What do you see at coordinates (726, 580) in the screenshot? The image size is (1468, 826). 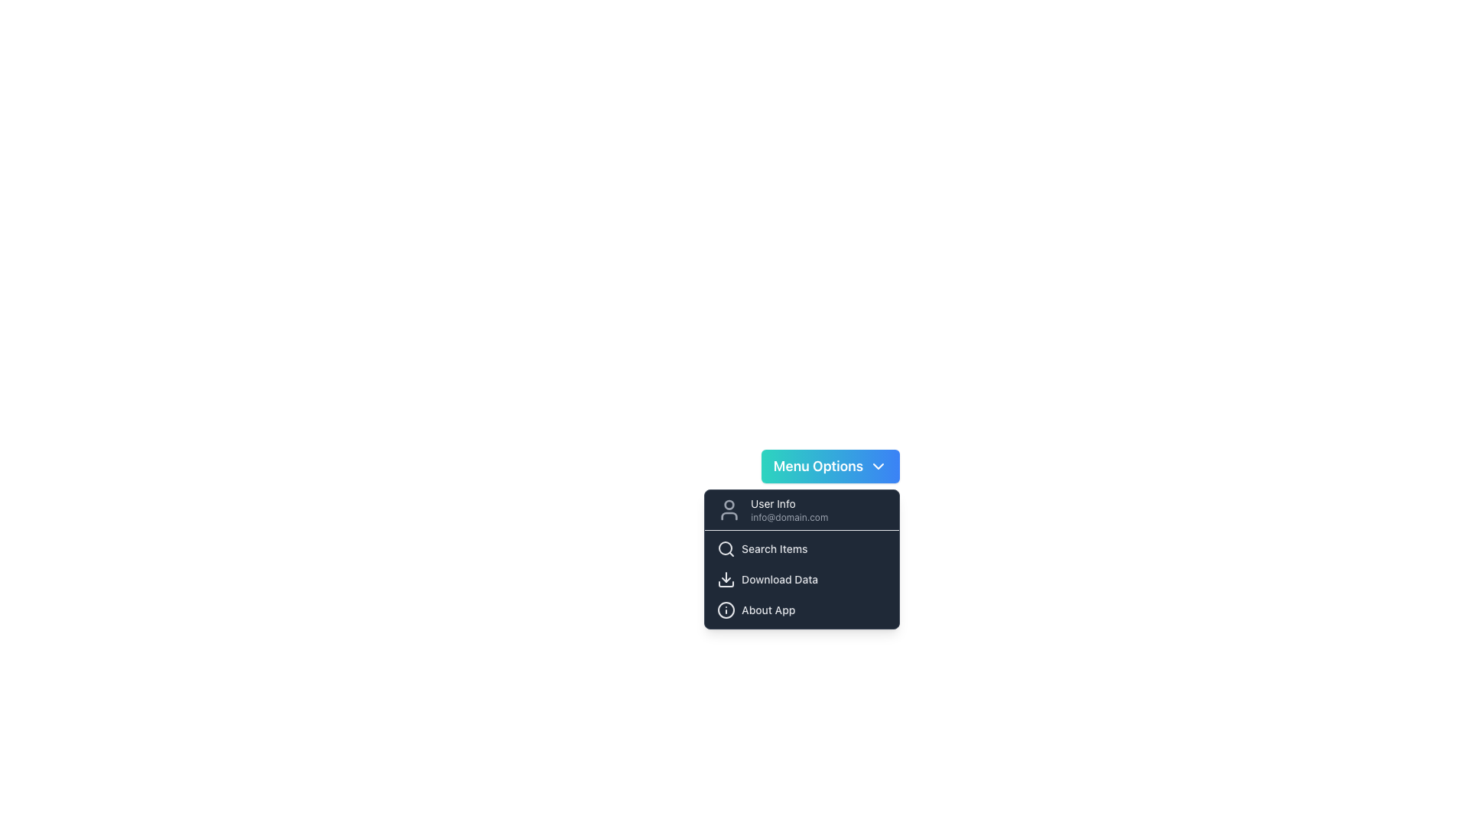 I see `the download icon resembling a downward-facing arrow within the 'Download Data' menu entry` at bounding box center [726, 580].